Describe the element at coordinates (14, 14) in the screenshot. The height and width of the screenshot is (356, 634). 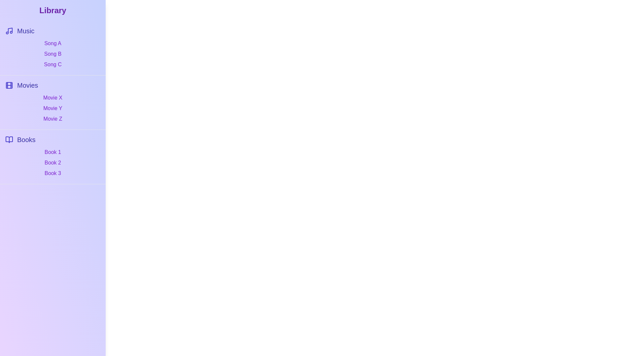
I see `the toggle button to toggle the visibility of the drawer` at that location.